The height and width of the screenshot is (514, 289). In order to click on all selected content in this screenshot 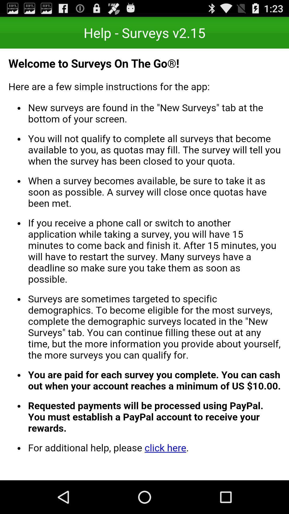, I will do `click(144, 264)`.